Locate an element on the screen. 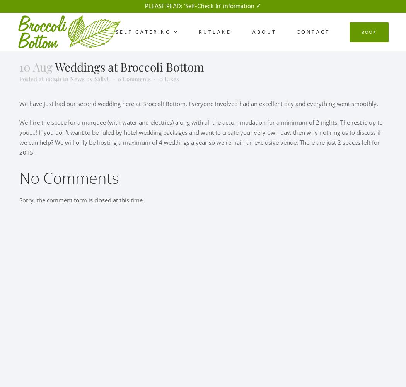 Image resolution: width=406 pixels, height=387 pixels. 'No Comments' is located at coordinates (69, 177).